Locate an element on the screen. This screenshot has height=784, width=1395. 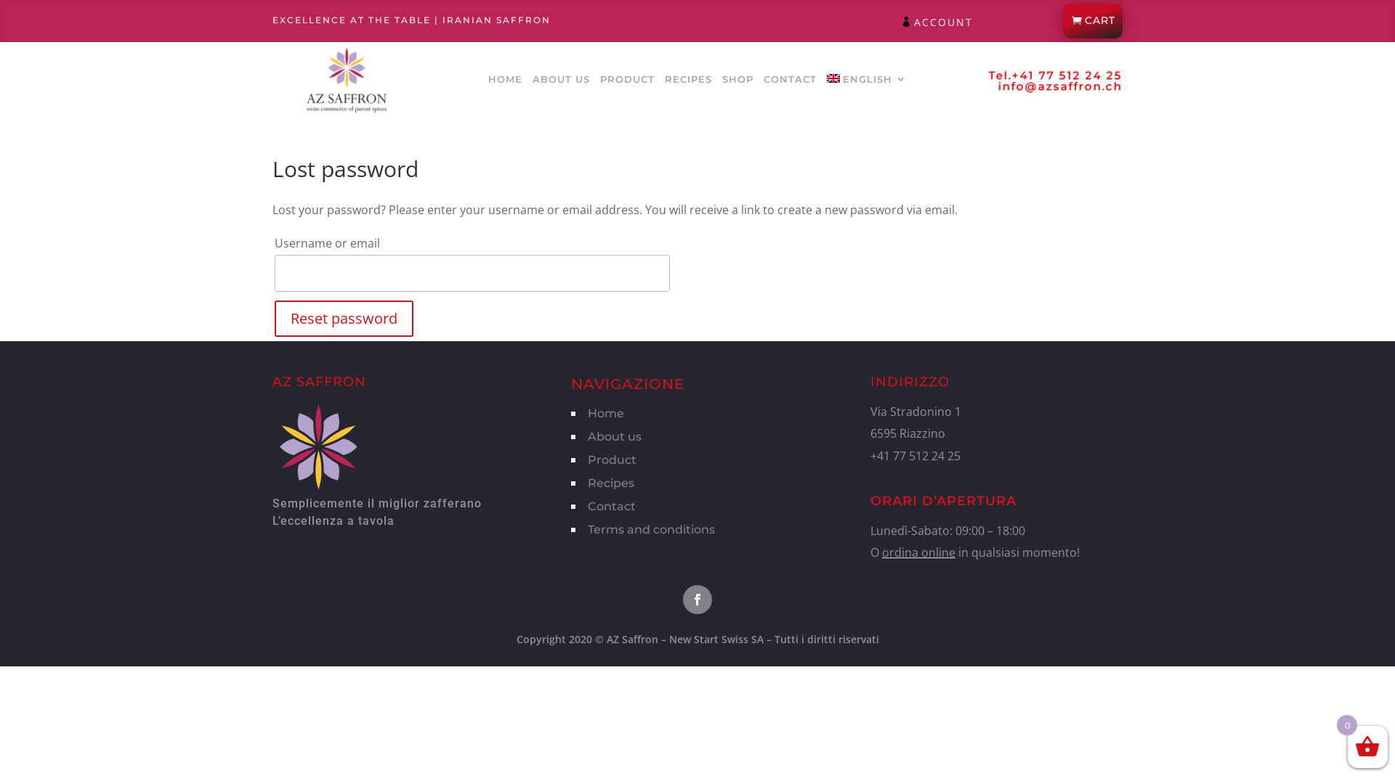
'CONTACT' is located at coordinates (763, 81).